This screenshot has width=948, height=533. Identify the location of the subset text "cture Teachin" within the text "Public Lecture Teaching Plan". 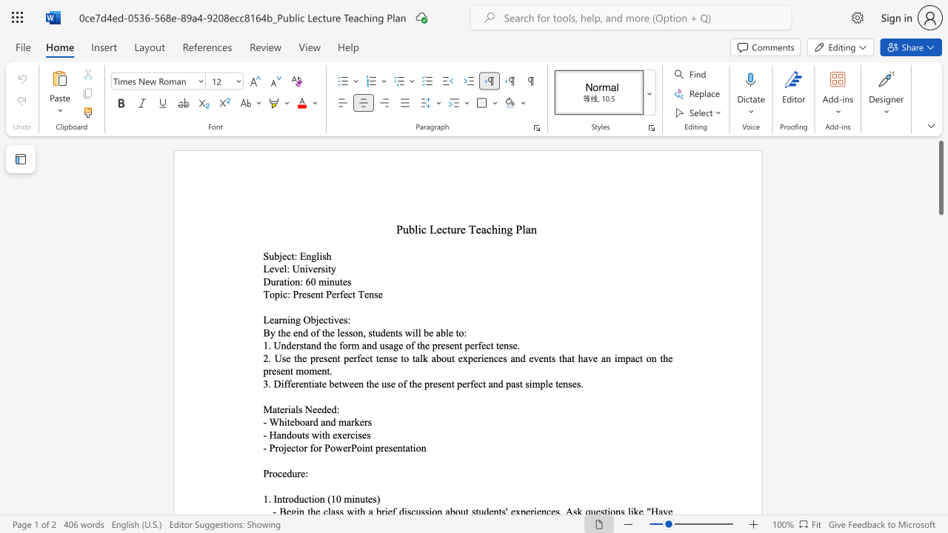
(441, 229).